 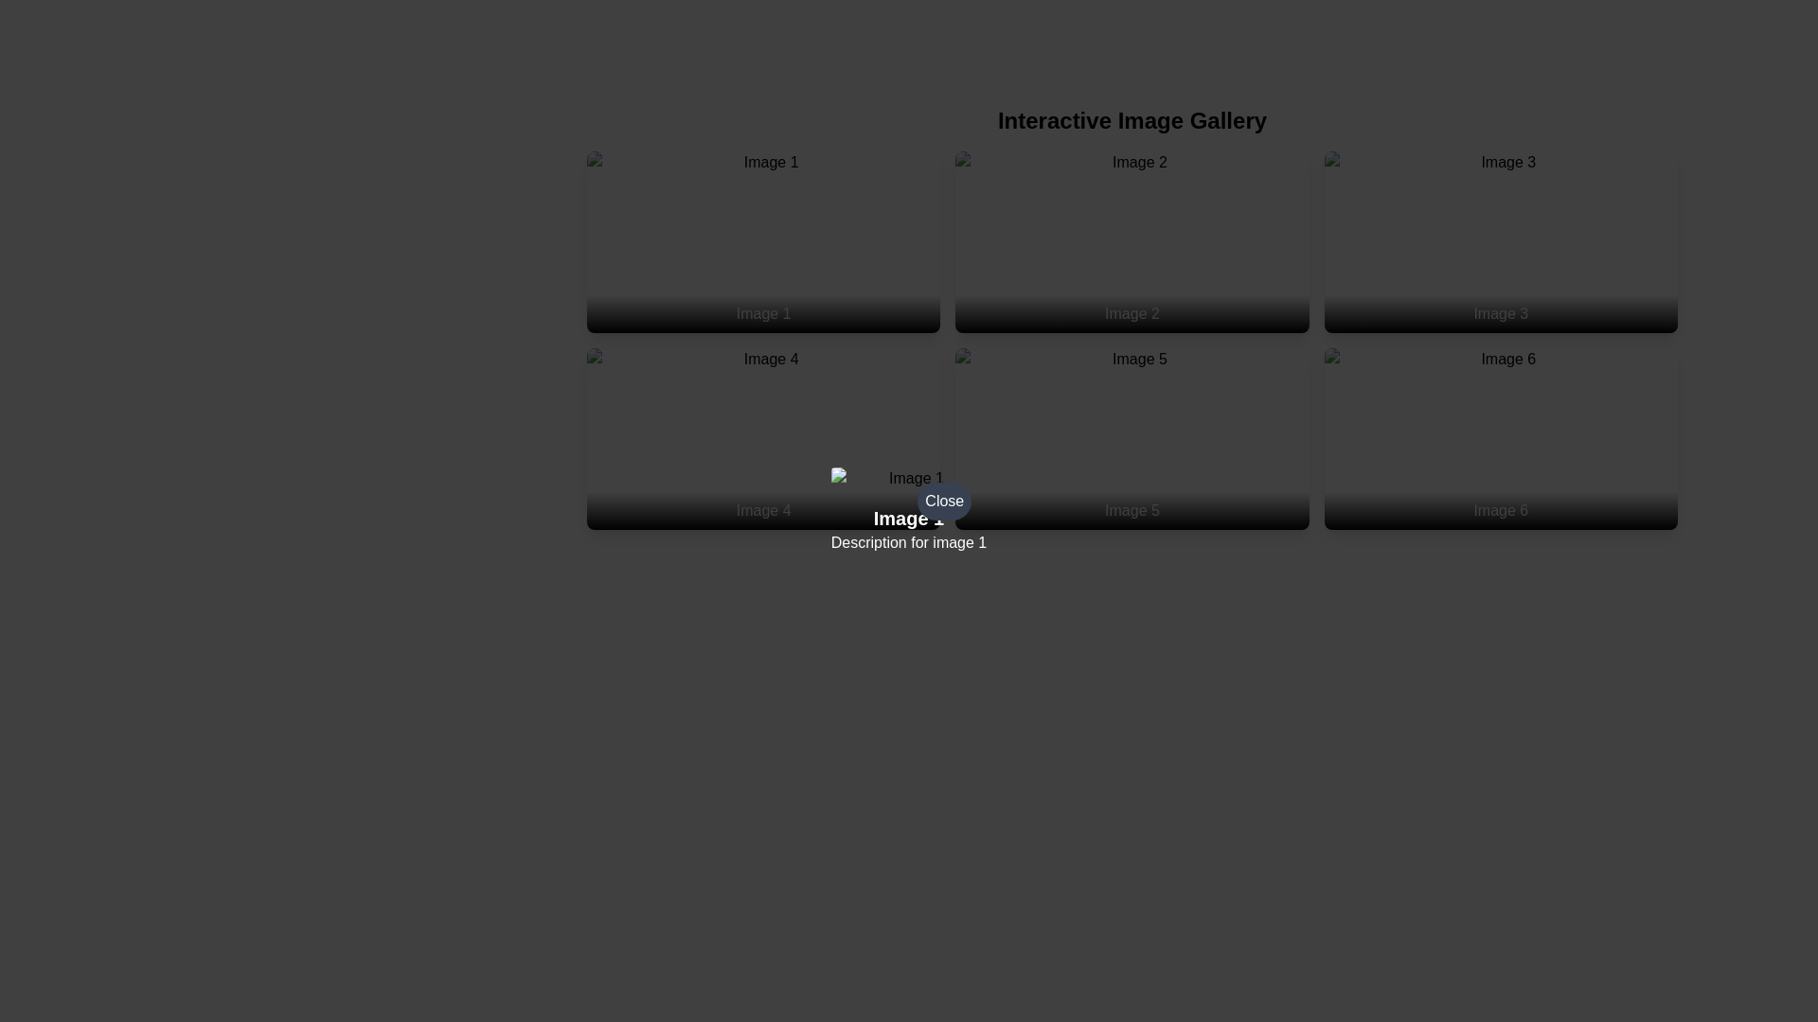 I want to click on the bold text label that displays 'Image 1', which is positioned at the top of the description panel for an image, so click(x=909, y=518).